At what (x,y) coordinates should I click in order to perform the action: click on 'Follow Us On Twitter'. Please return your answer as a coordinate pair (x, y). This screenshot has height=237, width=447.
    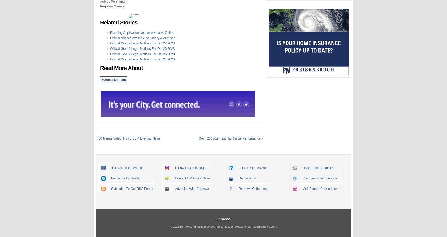
    Looking at the image, I should click on (126, 178).